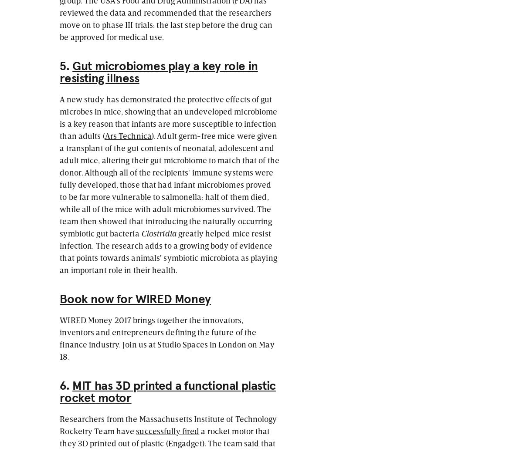 The width and height of the screenshot is (523, 452). Describe the element at coordinates (65, 386) in the screenshot. I see `'6.'` at that location.